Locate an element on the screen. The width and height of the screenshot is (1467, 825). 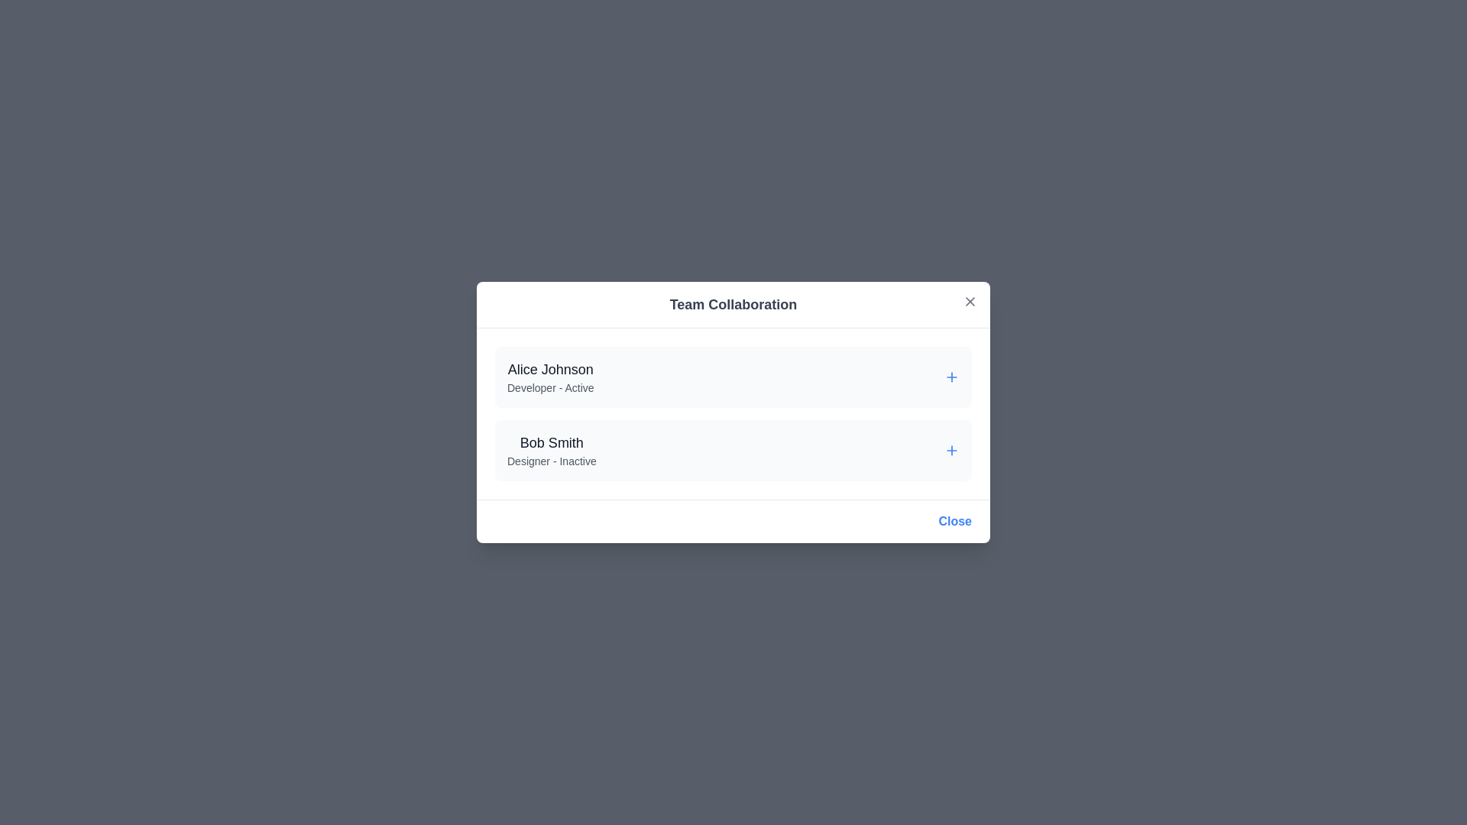
'Close' button at the bottom of the dialog is located at coordinates (954, 520).